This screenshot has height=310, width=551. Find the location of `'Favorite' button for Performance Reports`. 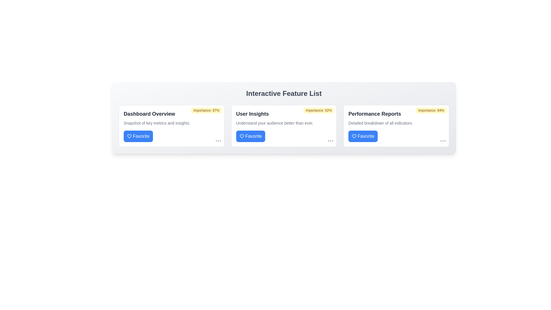

'Favorite' button for Performance Reports is located at coordinates (363, 136).